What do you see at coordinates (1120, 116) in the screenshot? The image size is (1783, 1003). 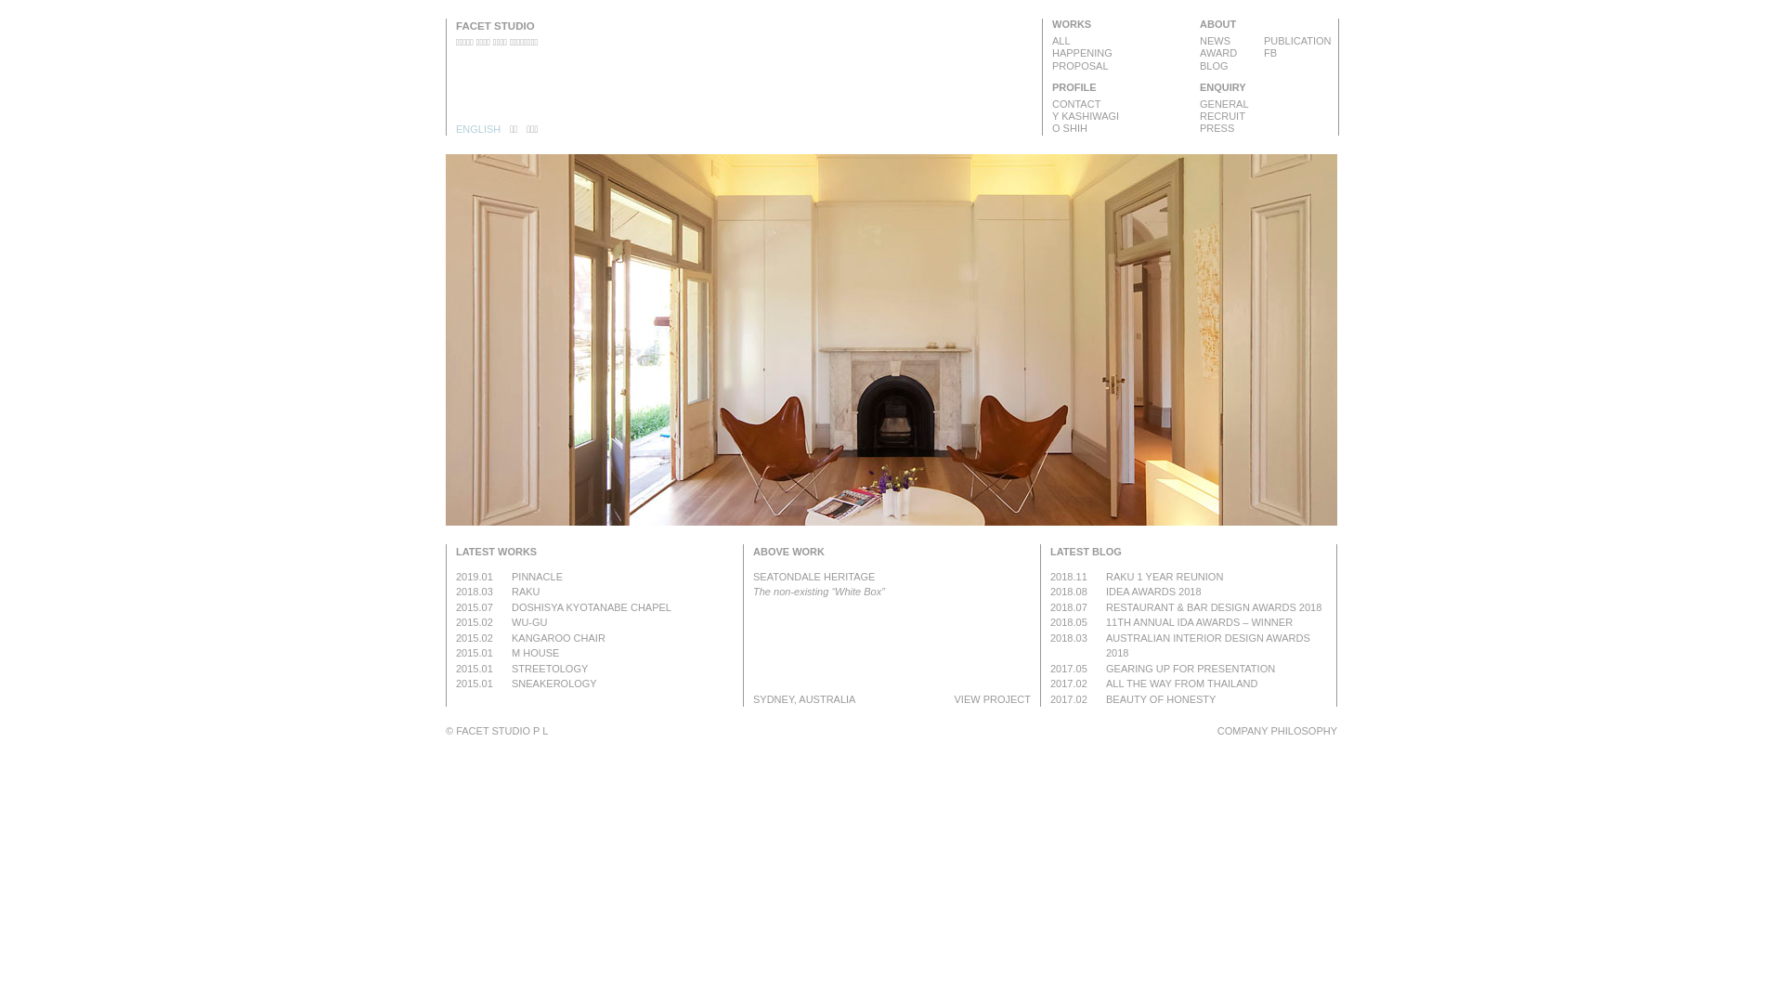 I see `'Y KASHIWAGI'` at bounding box center [1120, 116].